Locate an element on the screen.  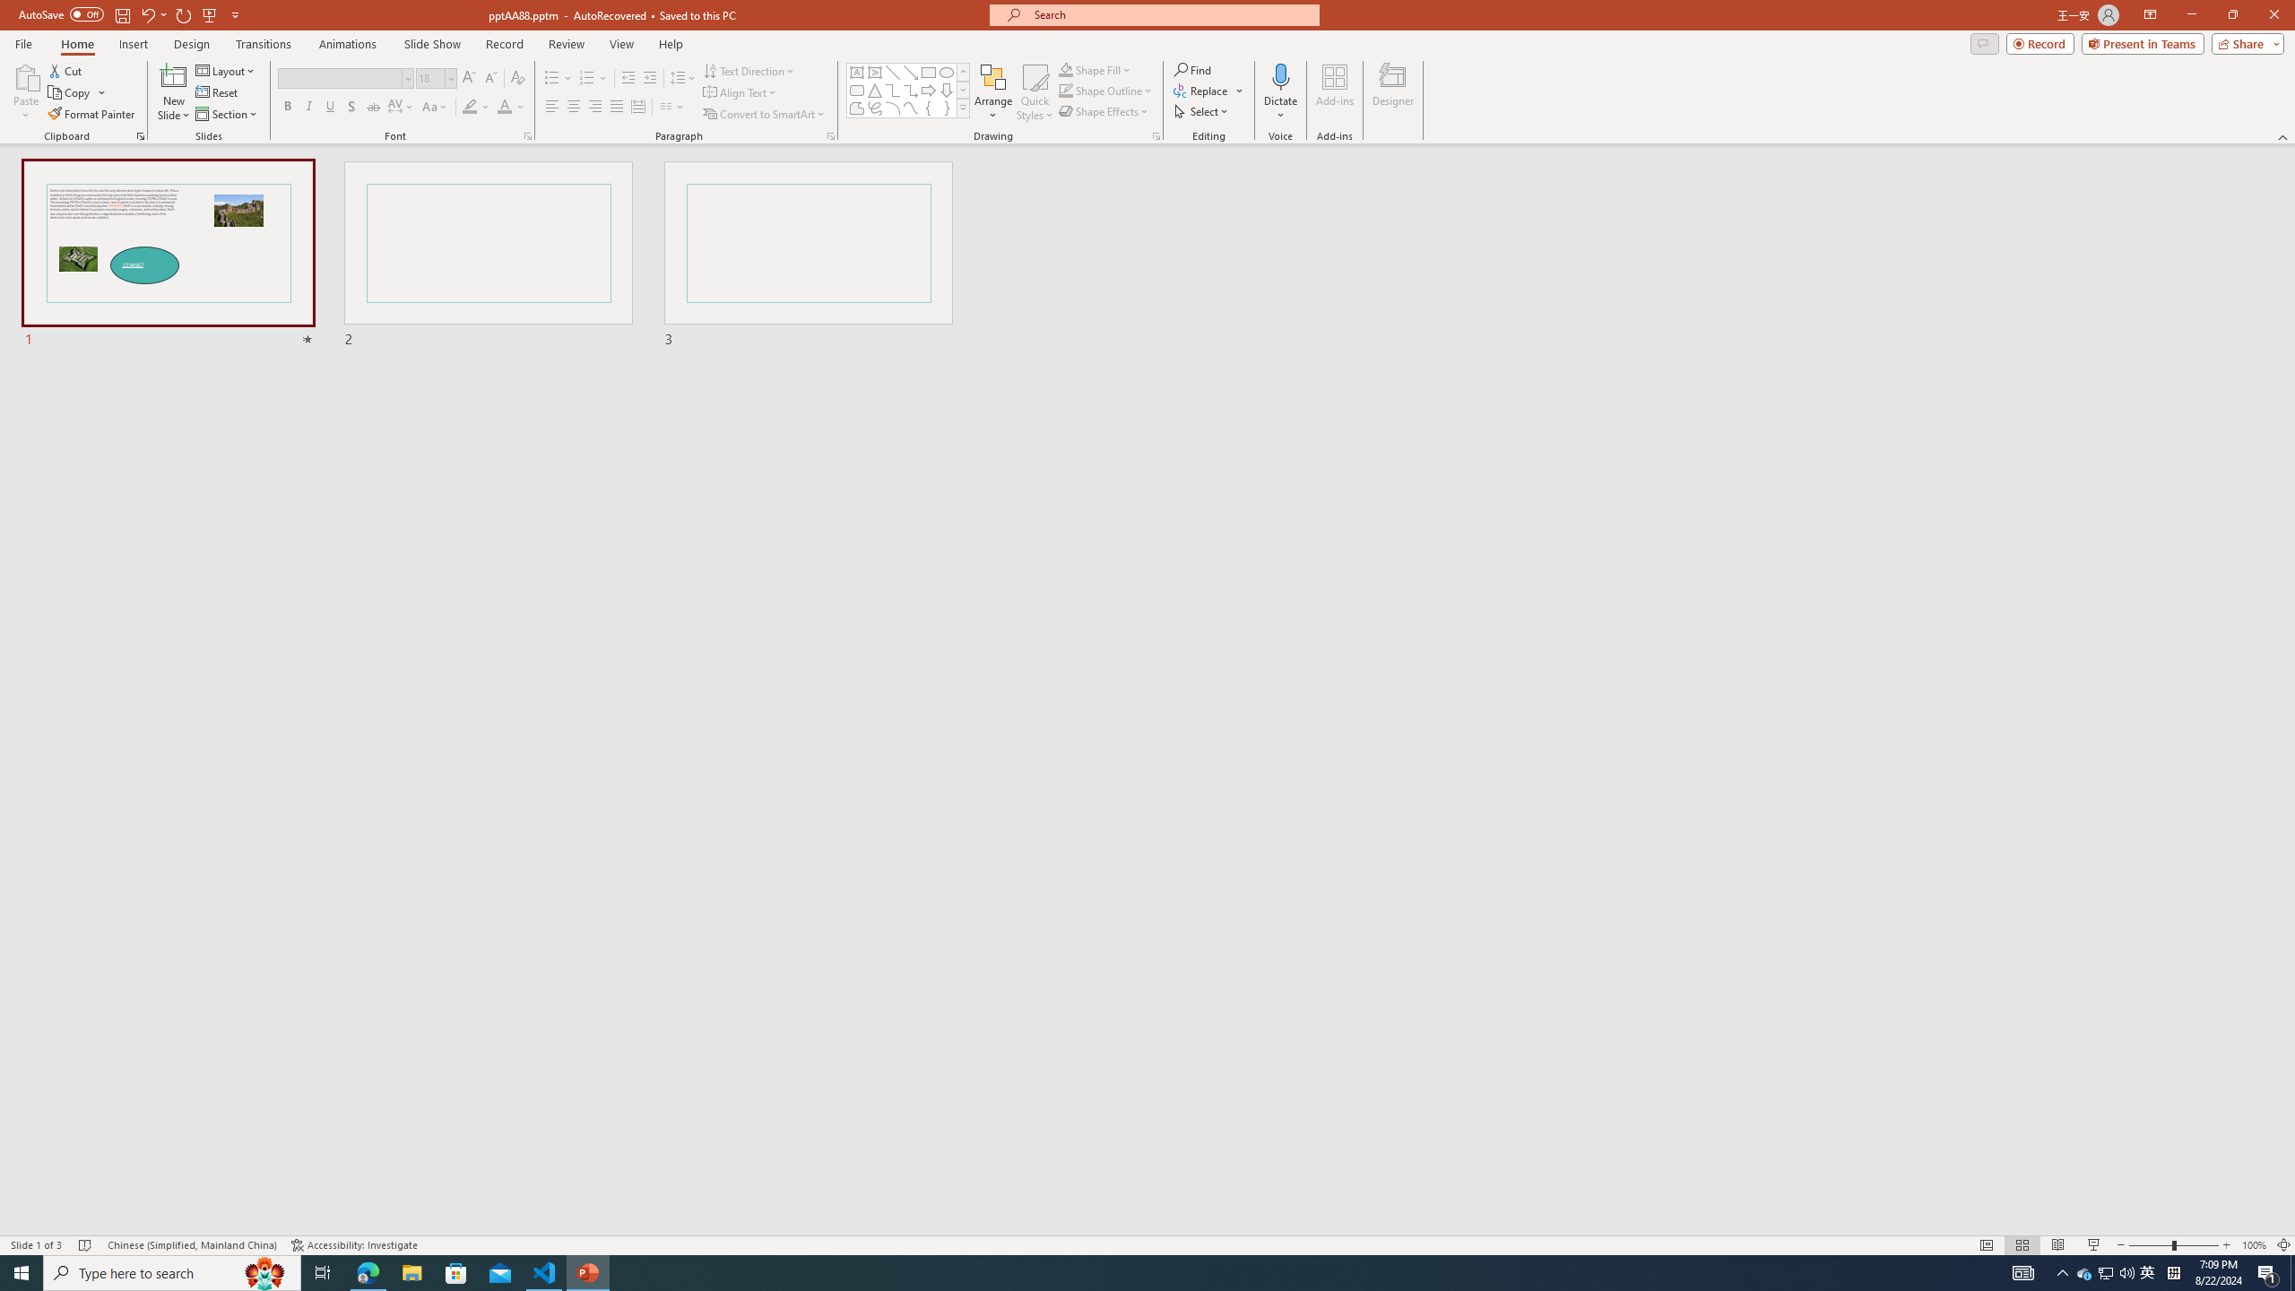
'Freeform: Shape' is located at coordinates (856, 107).